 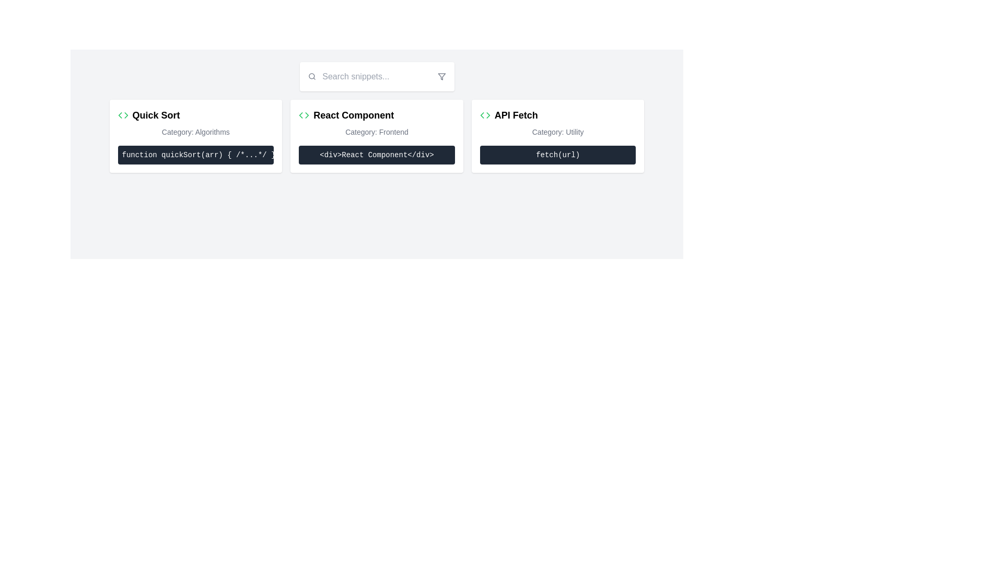 What do you see at coordinates (120, 115) in the screenshot?
I see `the leftward arrow icon within the SVG group located at the top-left corner of the middle card in a horizontally arranged set of cards` at bounding box center [120, 115].